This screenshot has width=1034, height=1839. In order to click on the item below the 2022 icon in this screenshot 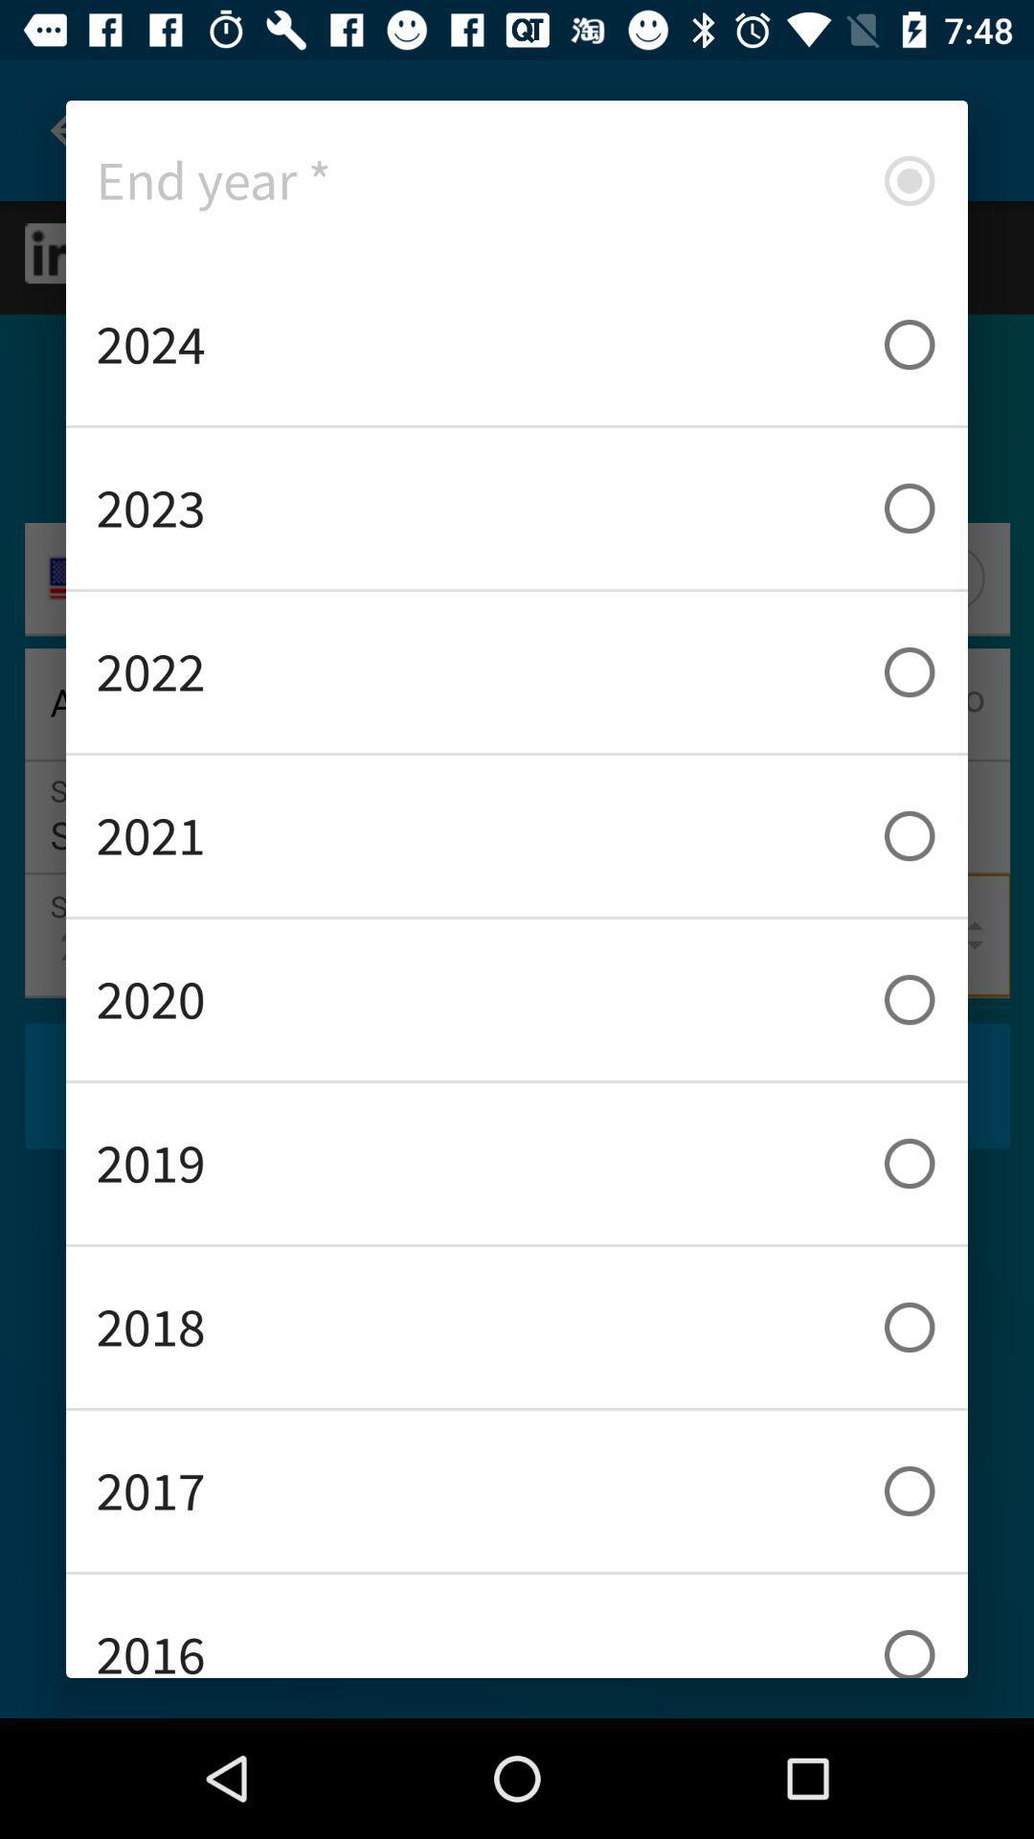, I will do `click(517, 836)`.